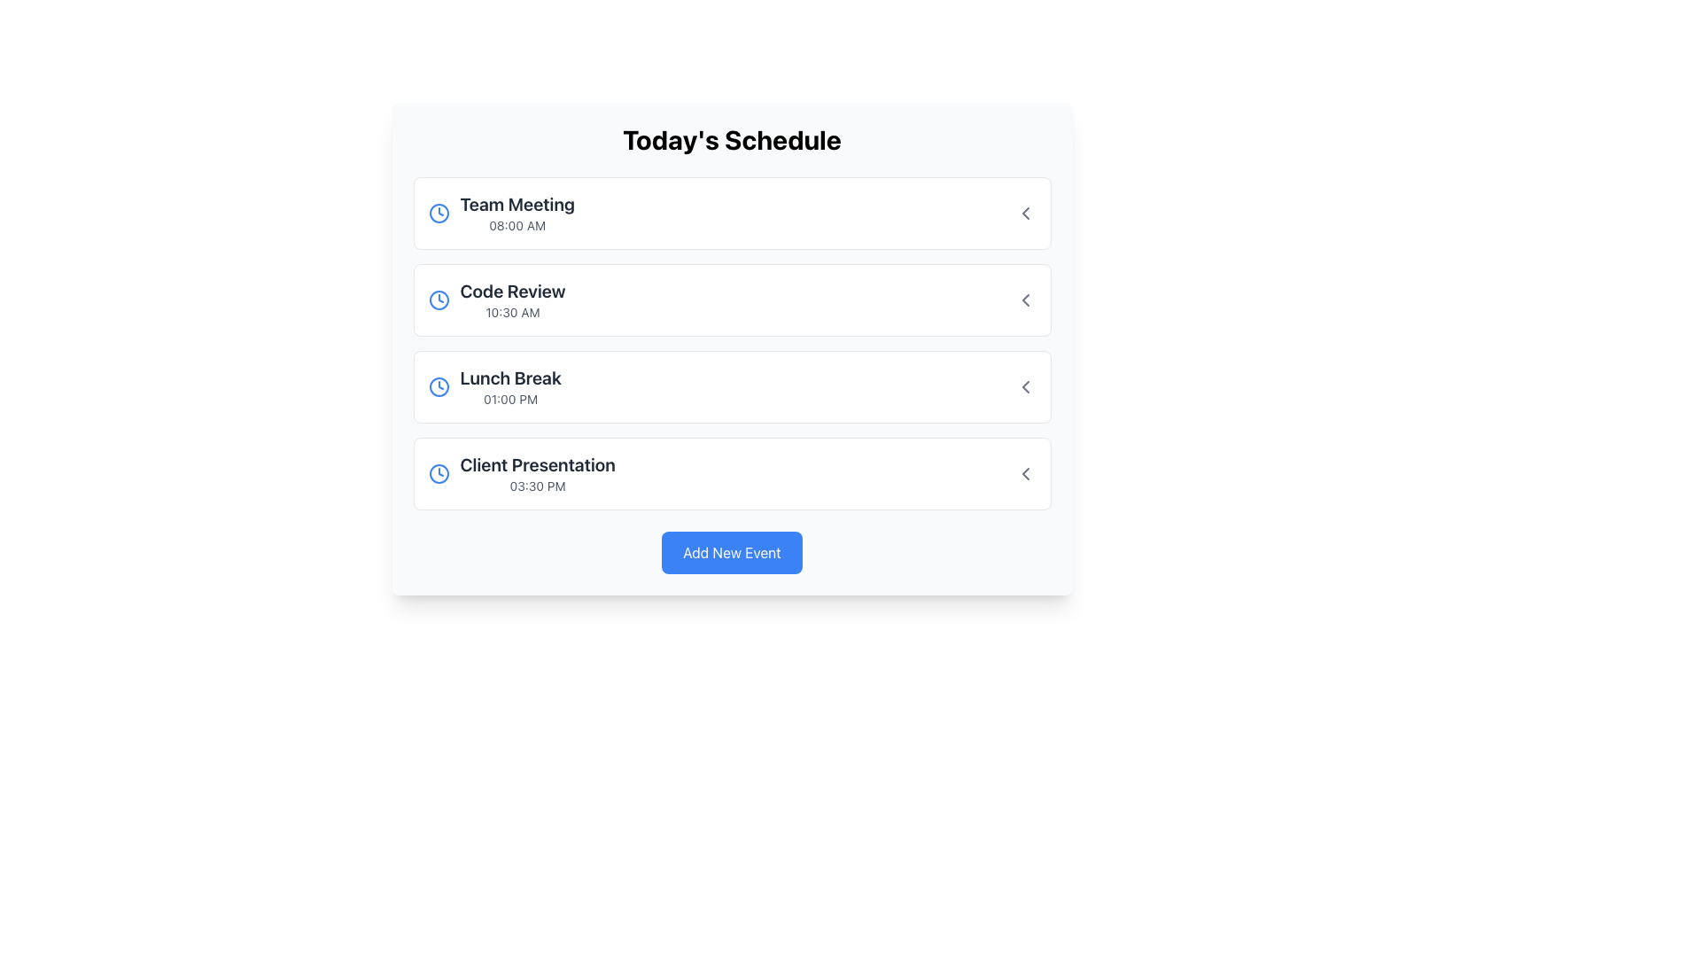 Image resolution: width=1701 pixels, height=957 pixels. I want to click on the fourth row in the schedule displaying a blue clock icon, bold title 'Client Presentation', and time '03:30 PM', so click(521, 473).